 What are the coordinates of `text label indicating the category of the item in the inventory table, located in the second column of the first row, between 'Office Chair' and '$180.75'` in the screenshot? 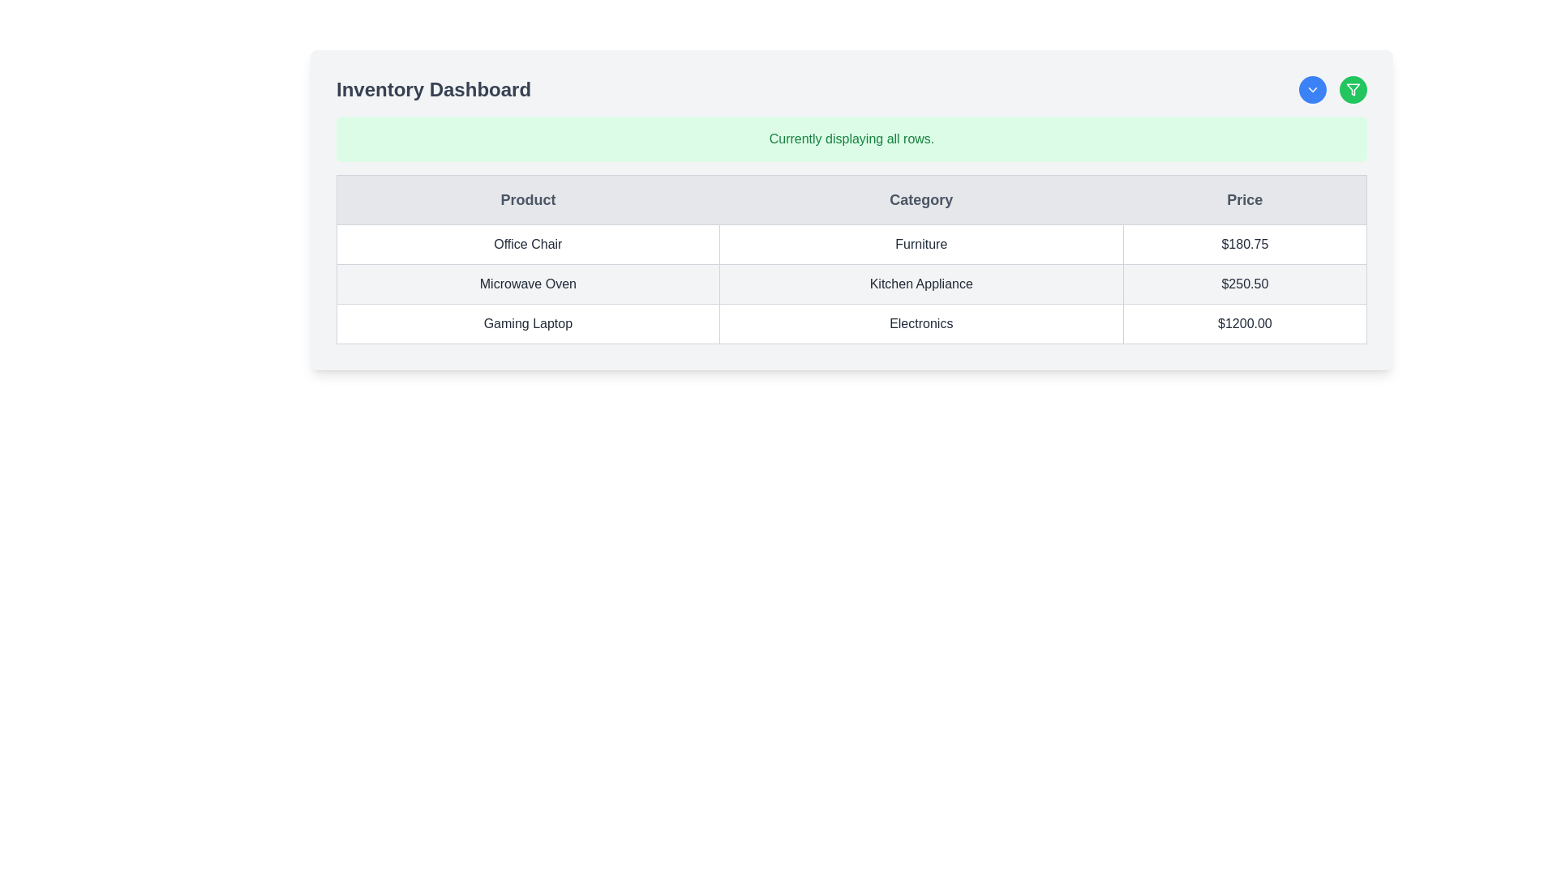 It's located at (921, 244).